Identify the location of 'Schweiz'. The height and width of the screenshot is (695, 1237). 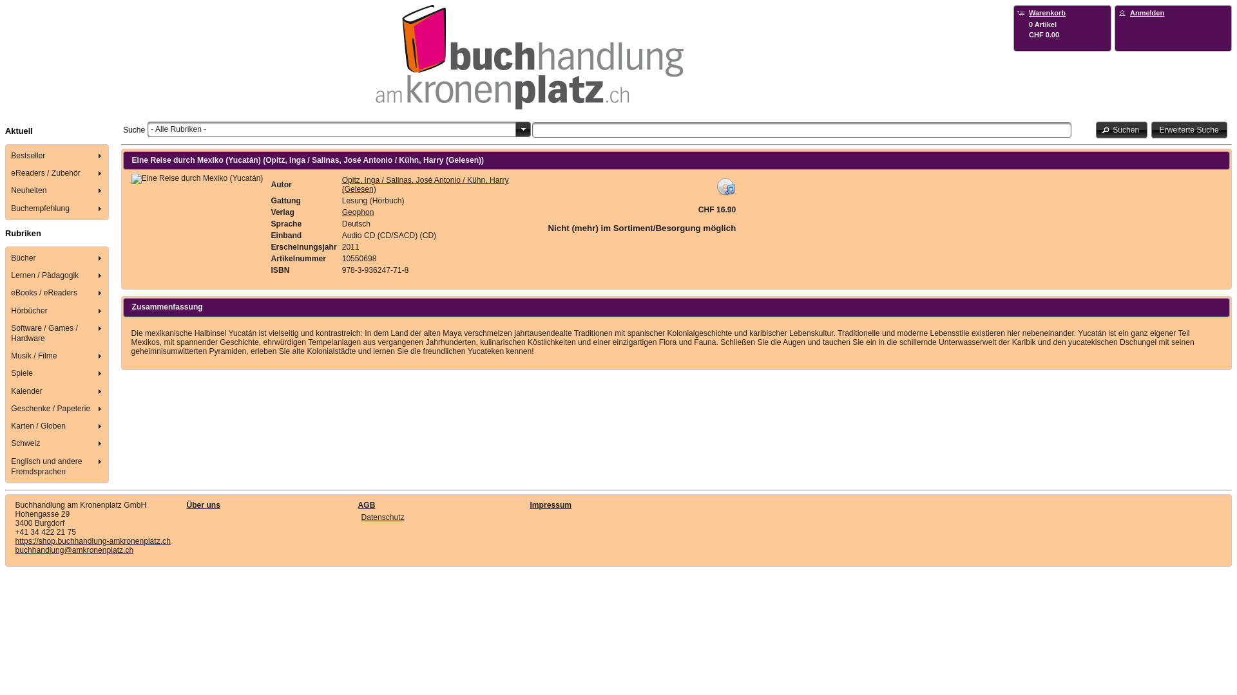
(57, 443).